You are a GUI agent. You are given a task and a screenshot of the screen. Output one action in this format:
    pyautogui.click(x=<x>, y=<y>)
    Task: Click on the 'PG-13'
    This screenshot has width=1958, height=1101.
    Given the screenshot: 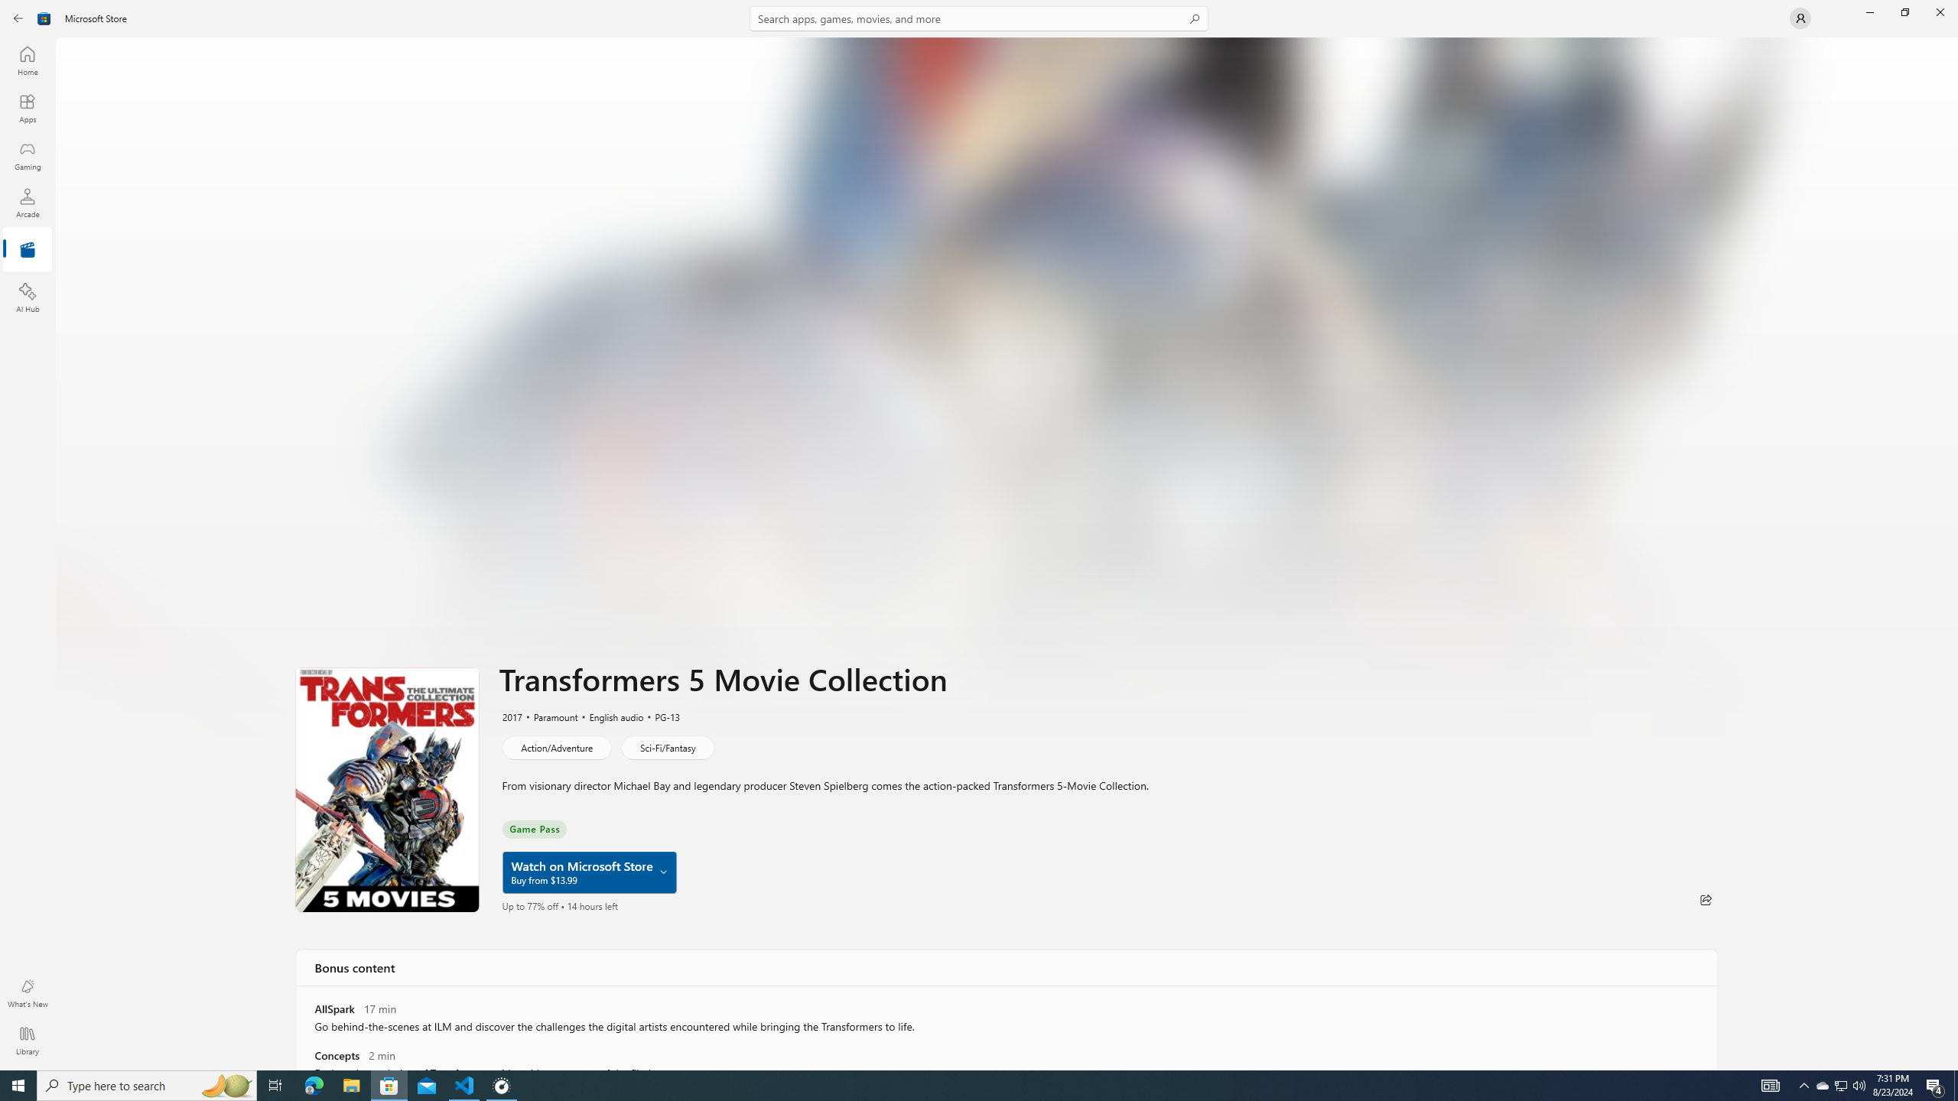 What is the action you would take?
    pyautogui.click(x=659, y=716)
    